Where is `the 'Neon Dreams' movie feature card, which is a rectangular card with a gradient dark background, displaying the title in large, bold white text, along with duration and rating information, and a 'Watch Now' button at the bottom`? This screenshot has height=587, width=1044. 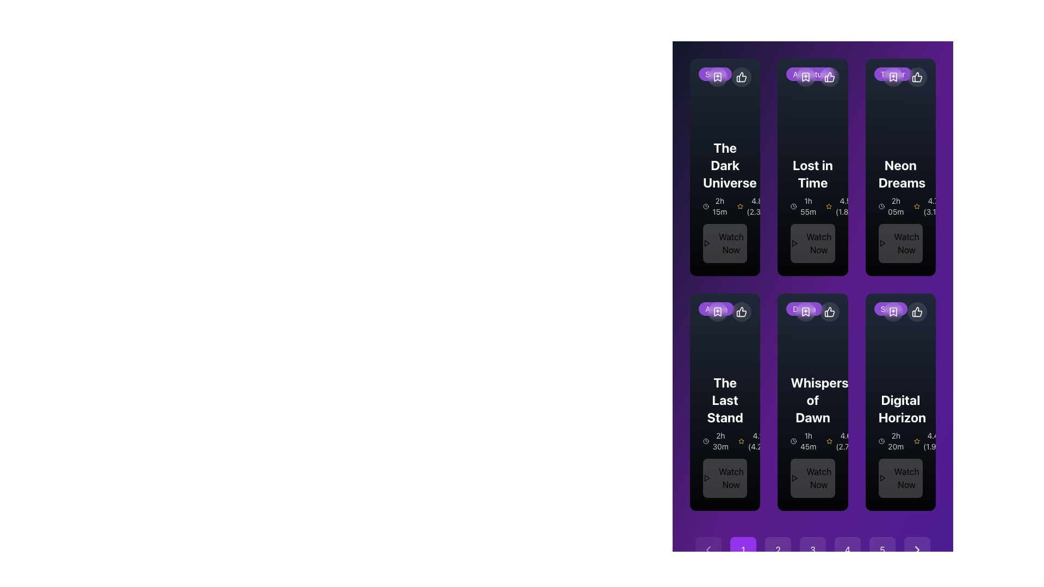 the 'Neon Dreams' movie feature card, which is a rectangular card with a gradient dark background, displaying the title in large, bold white text, along with duration and rating information, and a 'Watch Now' button at the bottom is located at coordinates (900, 167).